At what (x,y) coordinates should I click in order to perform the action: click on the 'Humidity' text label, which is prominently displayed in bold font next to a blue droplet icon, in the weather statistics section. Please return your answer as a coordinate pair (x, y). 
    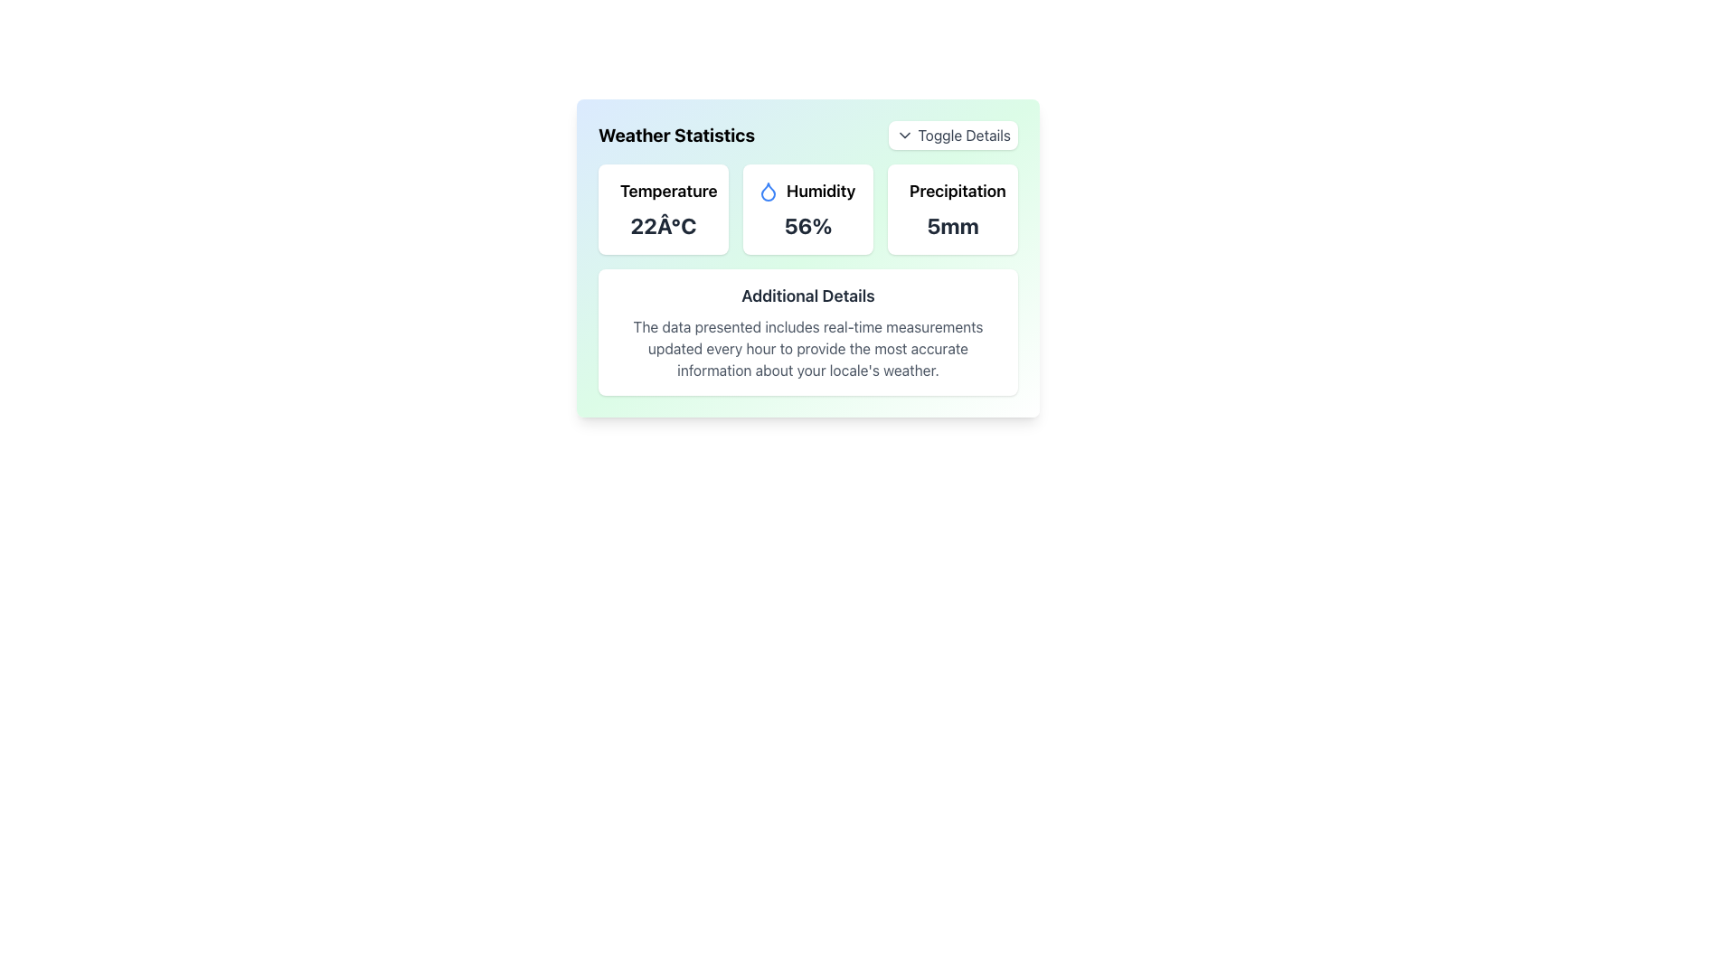
    Looking at the image, I should click on (820, 192).